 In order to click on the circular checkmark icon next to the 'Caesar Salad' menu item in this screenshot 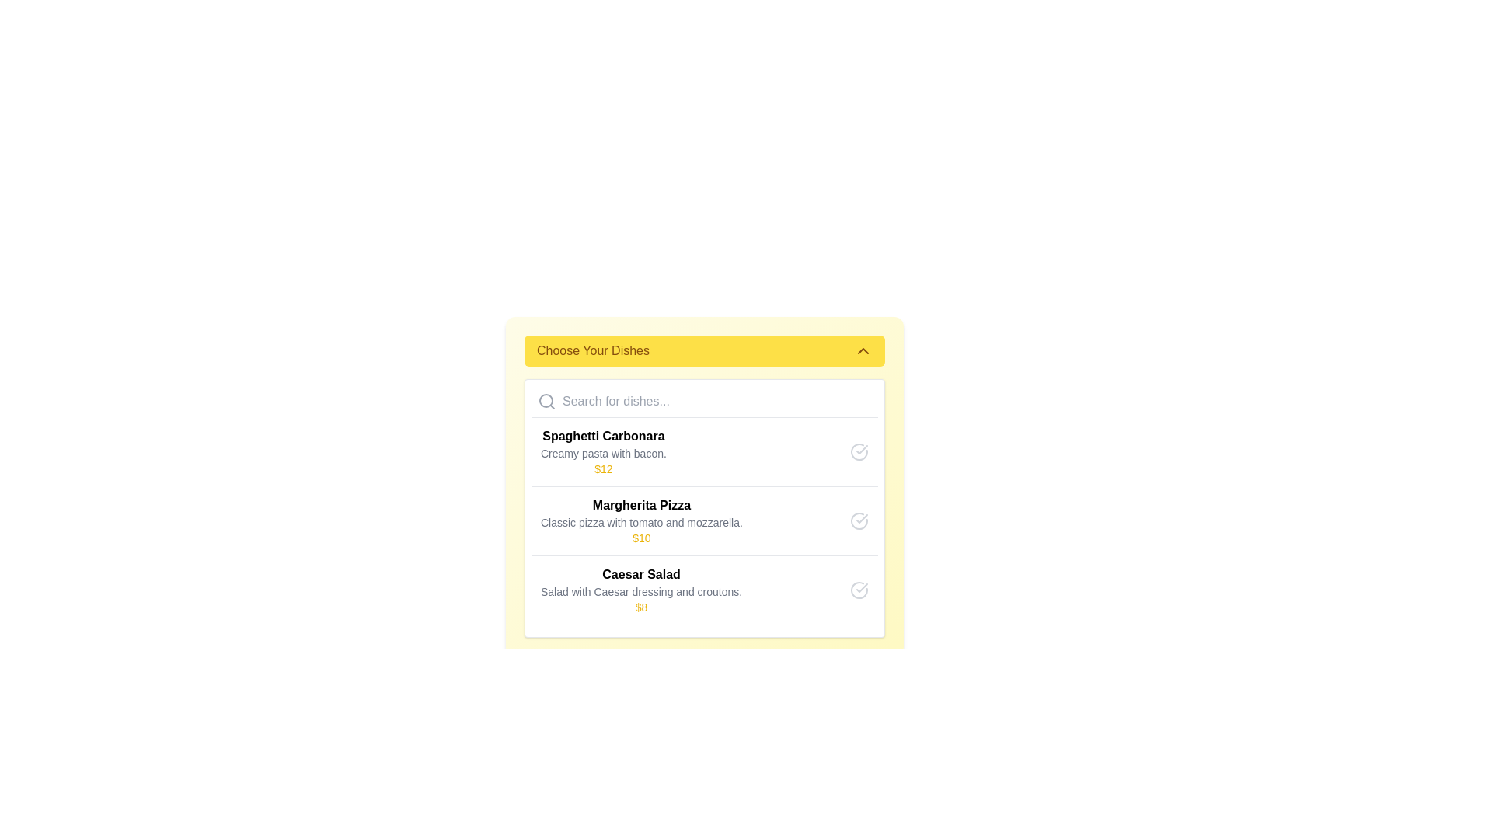, I will do `click(858, 590)`.